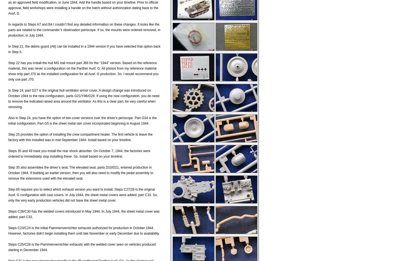 This screenshot has height=261, width=413. What do you see at coordinates (84, 30) in the screenshot?
I see `'In regards to Steps A7 and B4 I couldn’t find any detailed information on these changes. It looks like the parts are related to the commander’s observation periscope. If so, the mounts were ordered removed, in production, in July 1944.'` at bounding box center [84, 30].